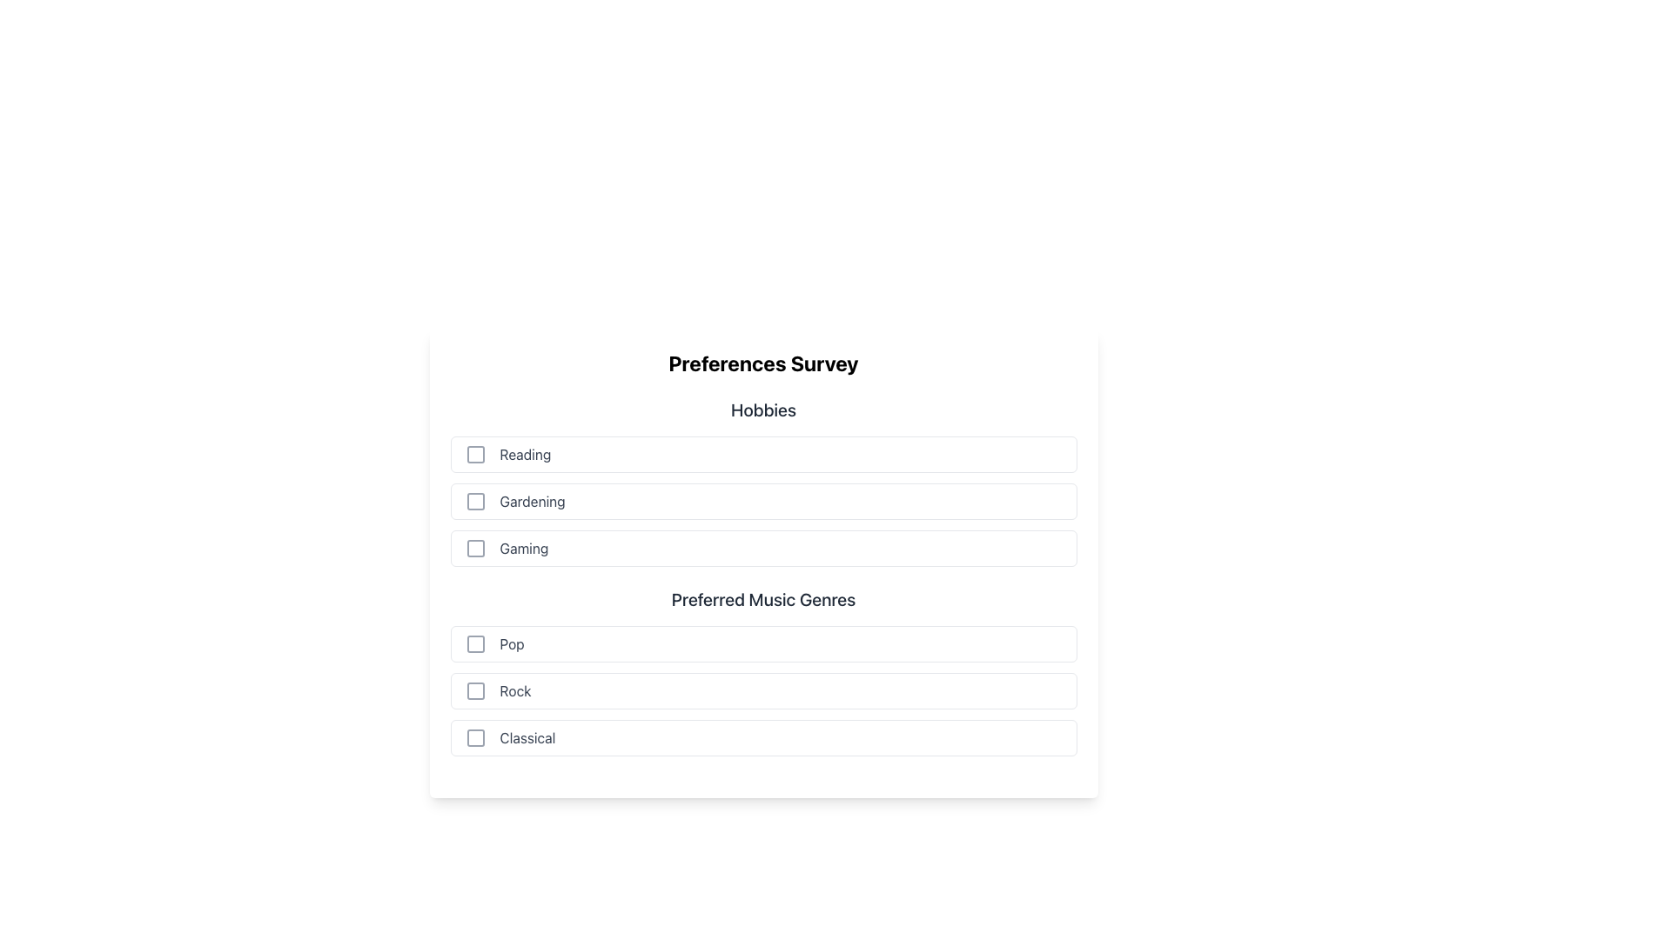 This screenshot has height=939, width=1671. I want to click on the text label 'Gardening', which is styled in light gray color and positioned under the title 'Hobbies', to the right of a checkbox icon, so click(532, 502).